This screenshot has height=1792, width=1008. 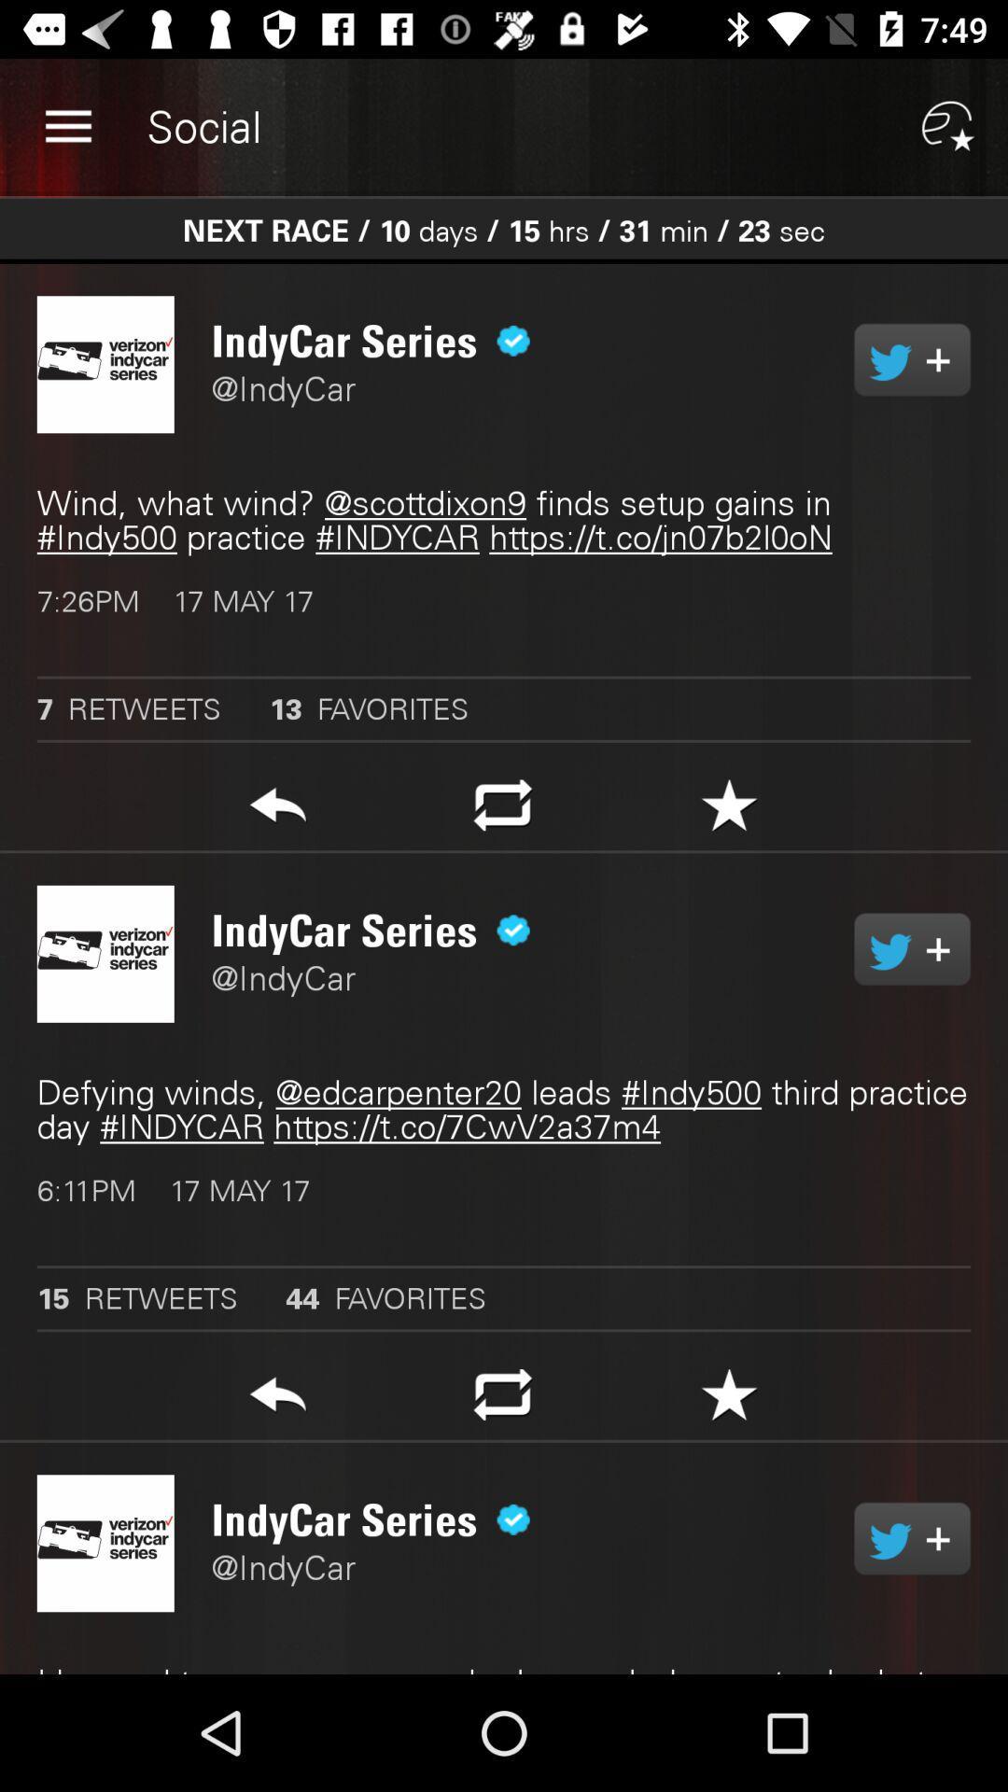 I want to click on shift option, so click(x=502, y=1400).